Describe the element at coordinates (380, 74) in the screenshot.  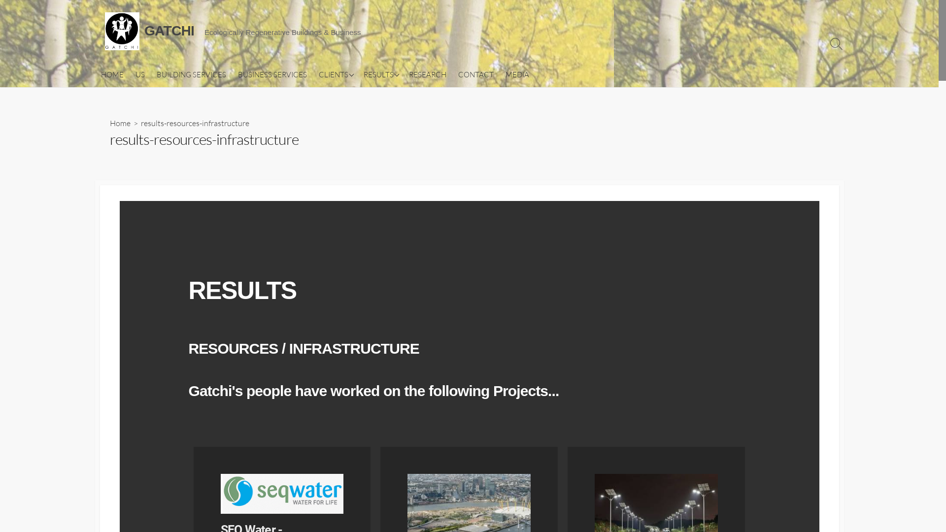
I see `'RESULTS'` at that location.